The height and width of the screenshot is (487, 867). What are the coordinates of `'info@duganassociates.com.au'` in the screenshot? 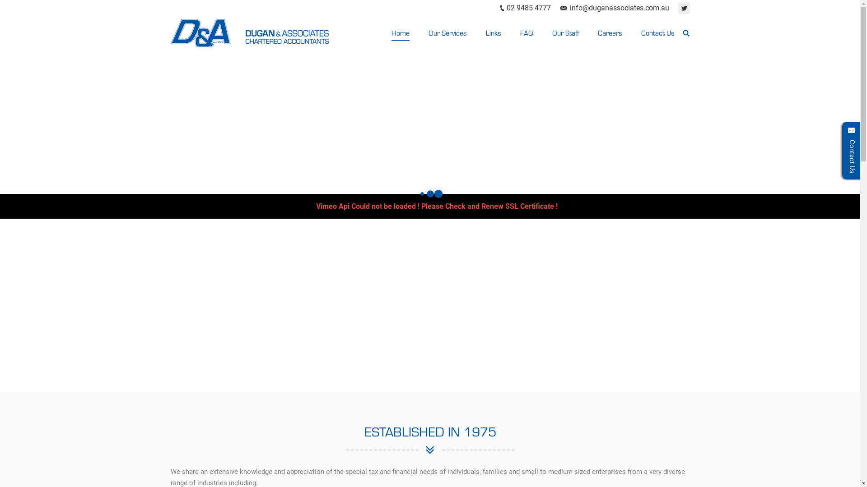 It's located at (619, 8).